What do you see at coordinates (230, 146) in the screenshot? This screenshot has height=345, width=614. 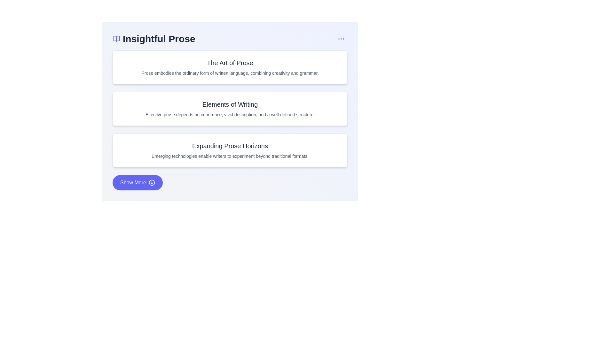 I see `the heading text element titled 'Expanding Prose Horizons', which is styled in a medium-sized, bold font with a dark gray color, located at the top of the third card in a vertical list of content cards` at bounding box center [230, 146].